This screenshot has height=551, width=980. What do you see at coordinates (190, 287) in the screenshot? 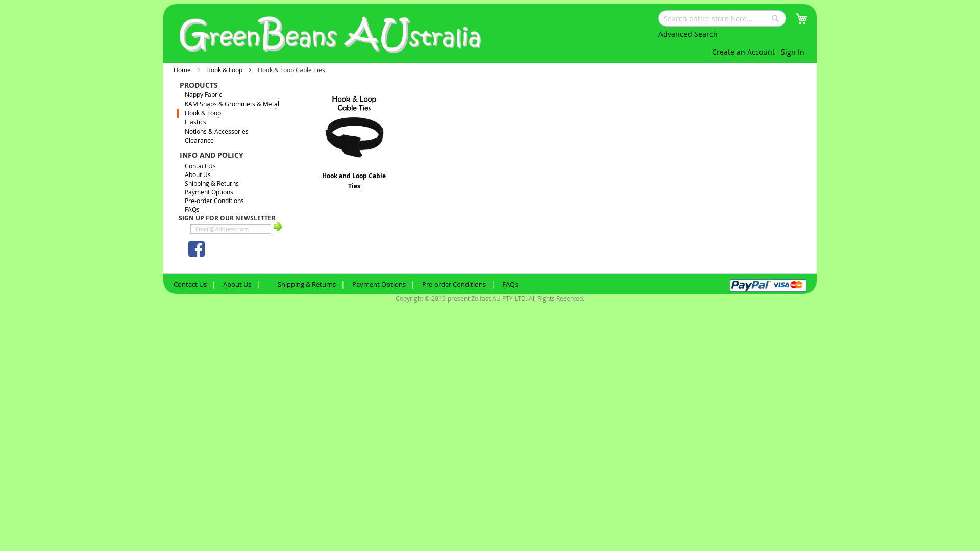
I see `'Contact Us'` at bounding box center [190, 287].